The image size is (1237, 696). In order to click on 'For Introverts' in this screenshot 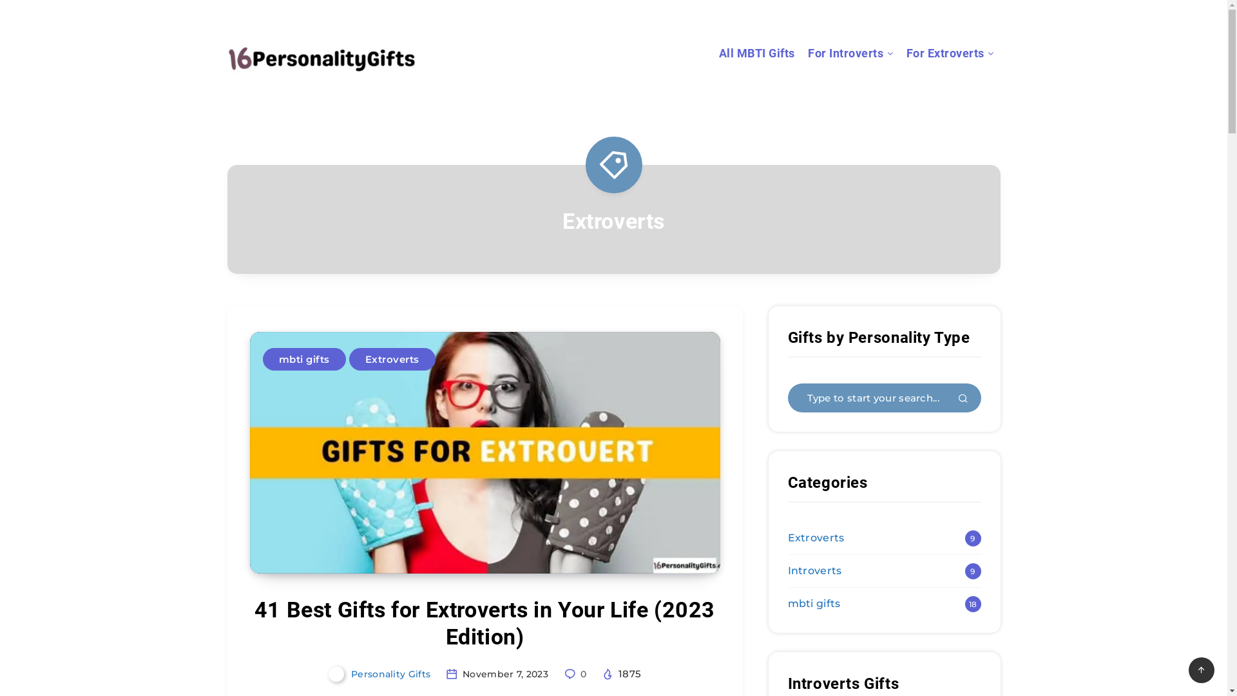, I will do `click(845, 54)`.